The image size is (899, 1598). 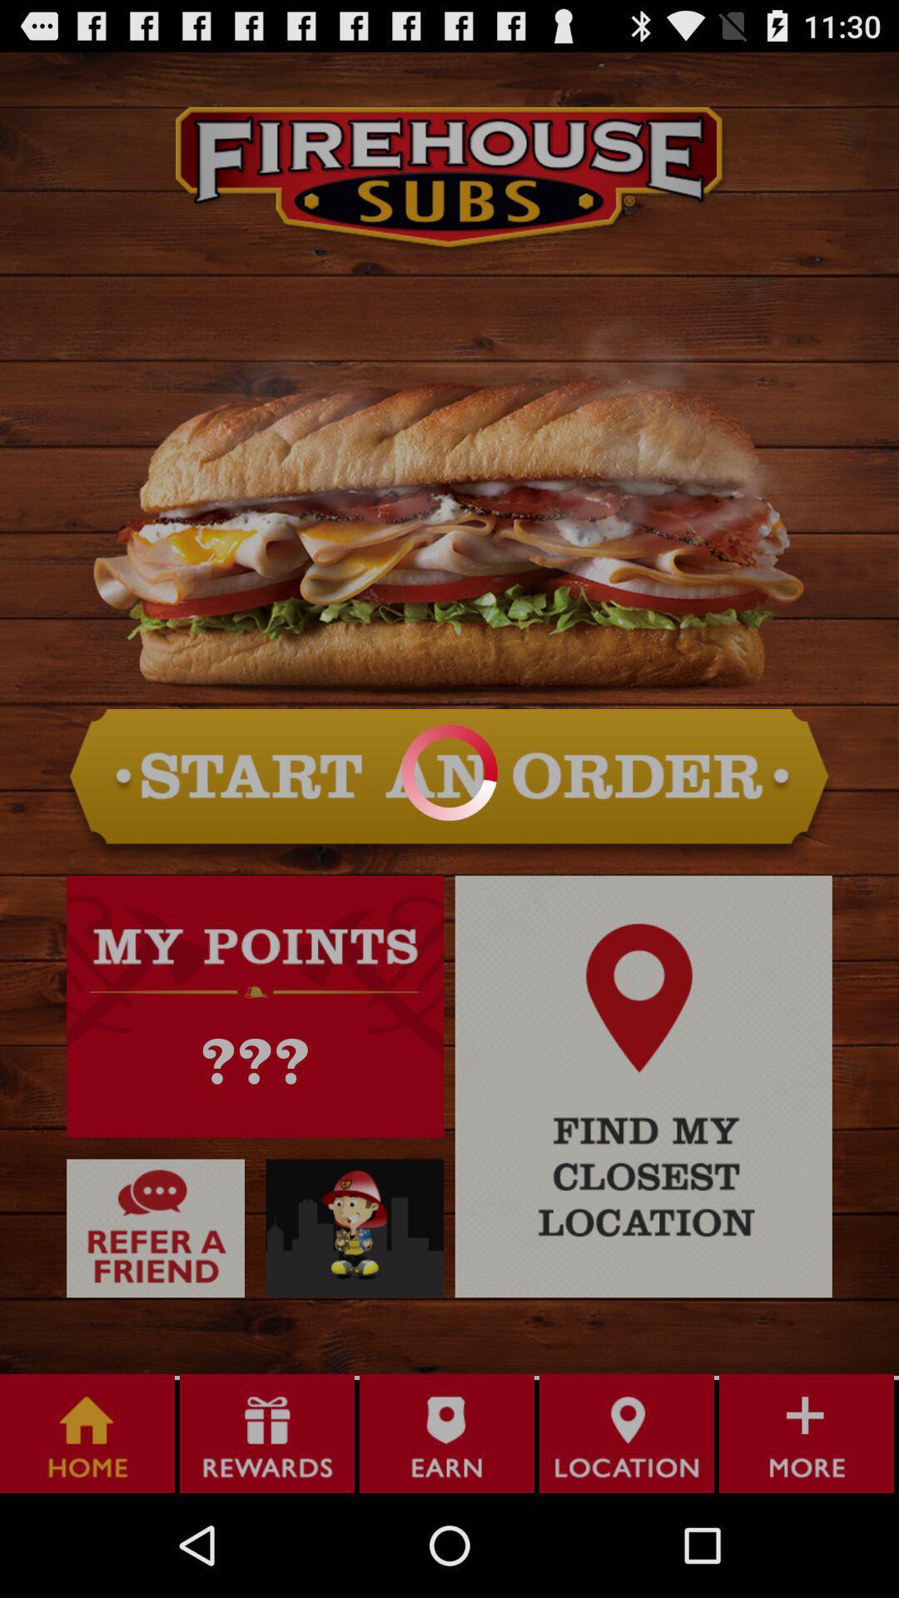 I want to click on the settings icon, so click(x=354, y=1313).